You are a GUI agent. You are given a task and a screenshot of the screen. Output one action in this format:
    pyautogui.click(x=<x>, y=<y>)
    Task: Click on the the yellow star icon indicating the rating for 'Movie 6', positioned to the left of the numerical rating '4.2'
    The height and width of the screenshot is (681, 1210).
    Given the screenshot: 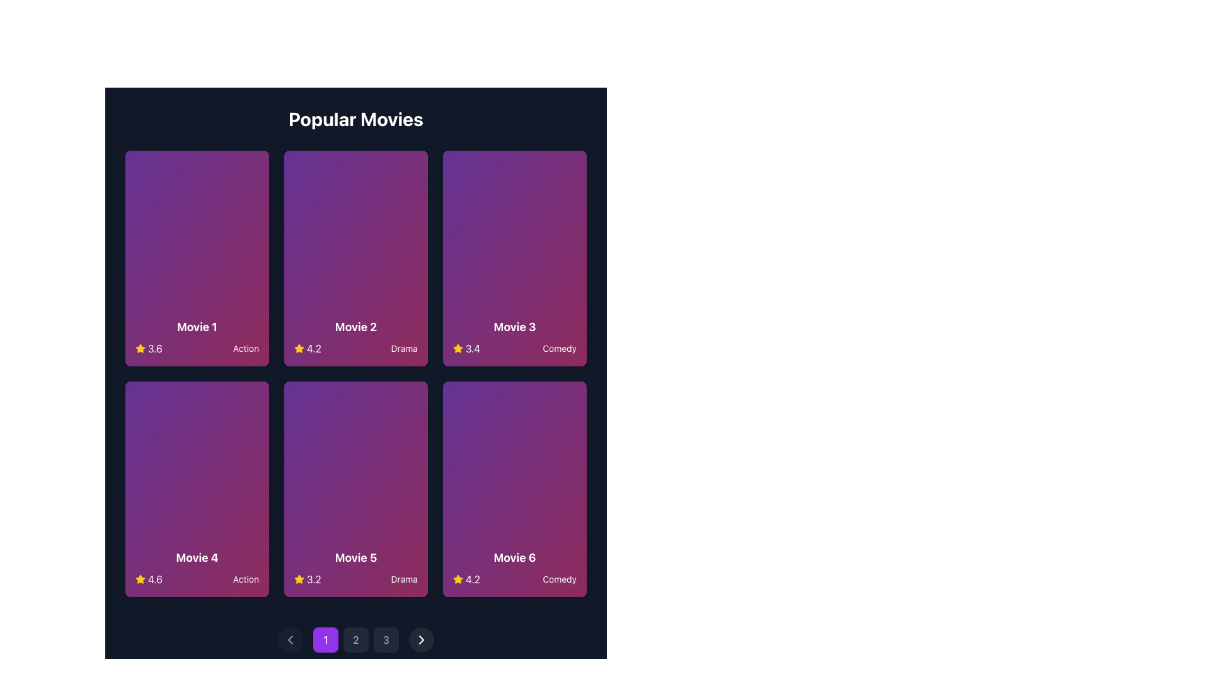 What is the action you would take?
    pyautogui.click(x=457, y=348)
    